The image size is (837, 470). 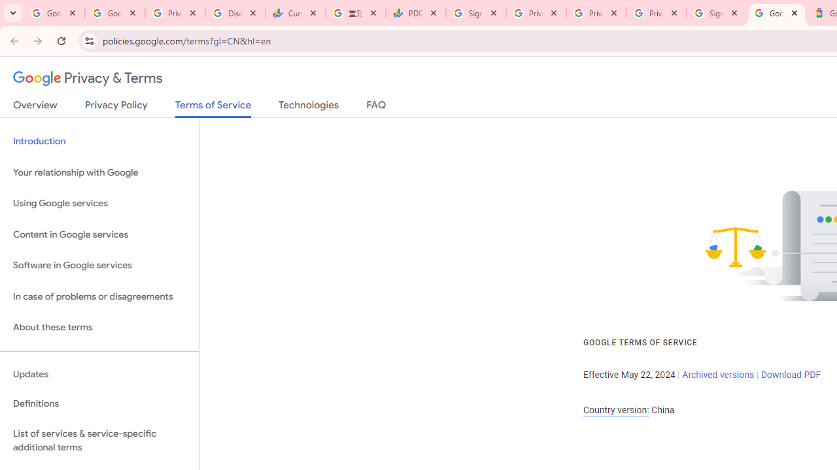 I want to click on 'Definitions', so click(x=99, y=403).